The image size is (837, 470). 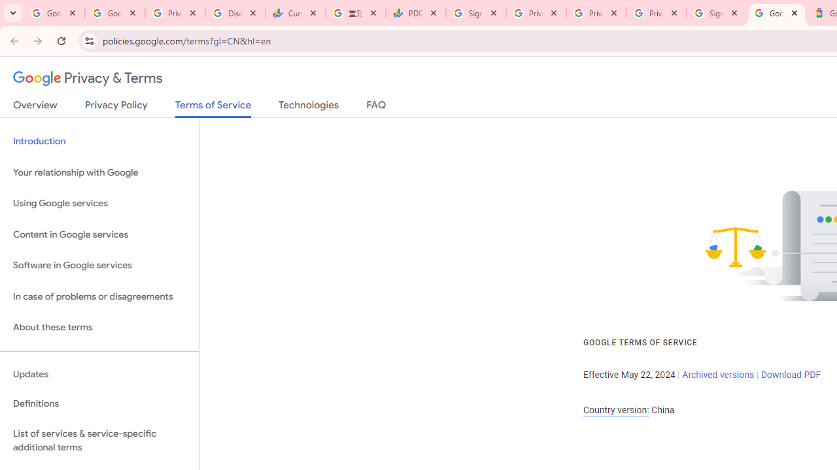 I want to click on 'Definitions', so click(x=99, y=403).